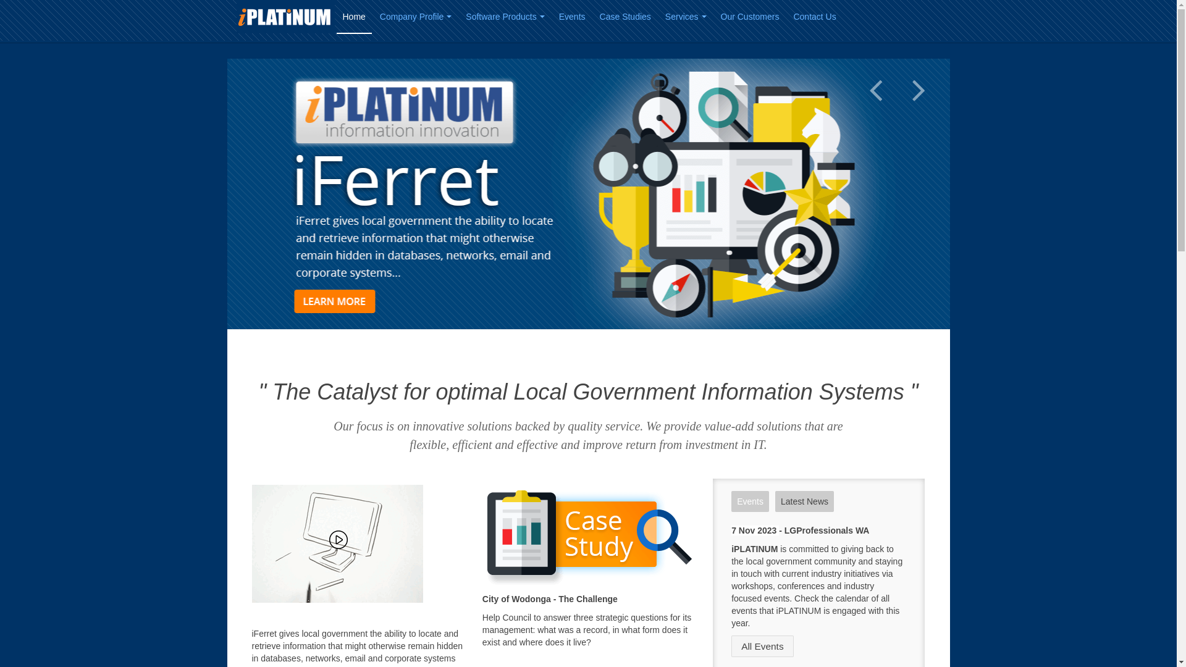 Image resolution: width=1186 pixels, height=667 pixels. I want to click on 'Software Products', so click(459, 17).